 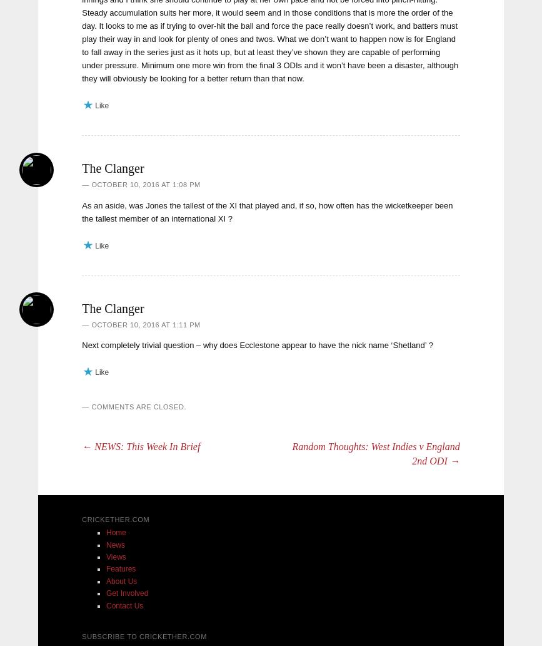 I want to click on 'Comments are closed.', so click(x=91, y=406).